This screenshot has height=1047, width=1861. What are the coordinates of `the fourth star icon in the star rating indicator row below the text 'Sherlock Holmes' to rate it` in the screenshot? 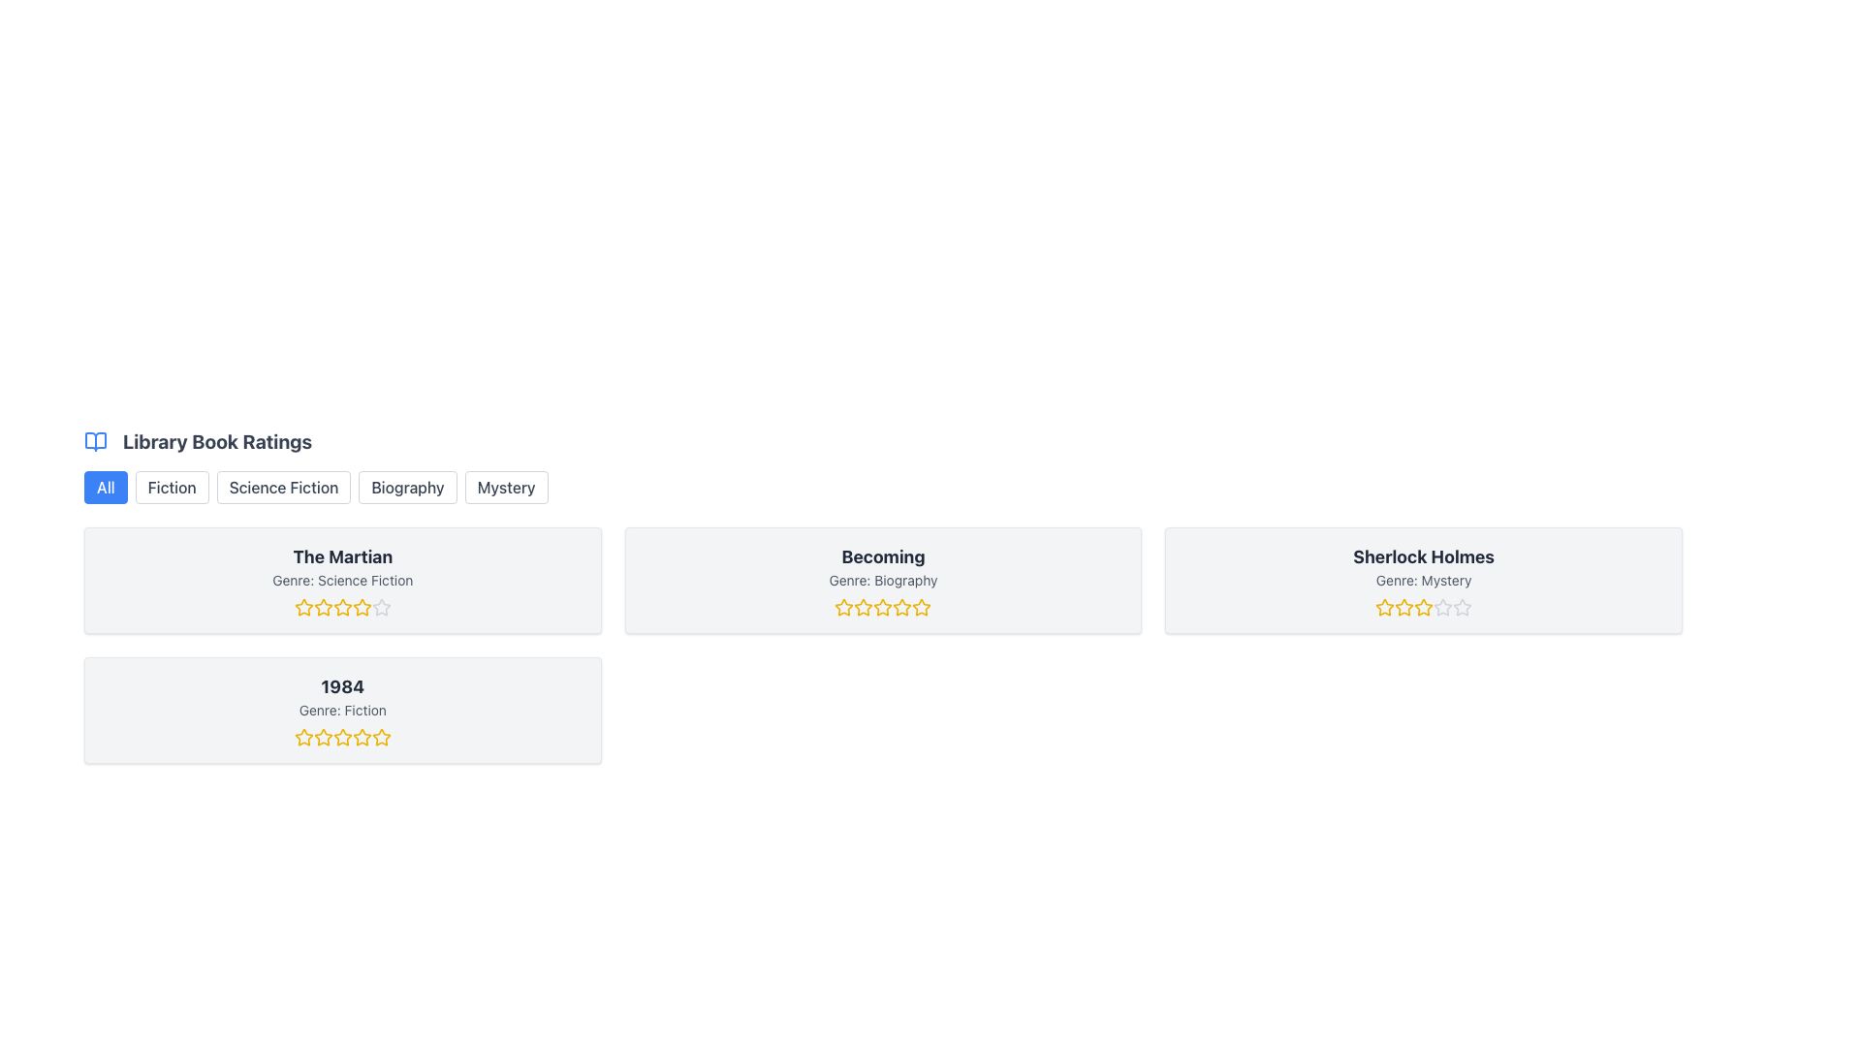 It's located at (1424, 607).